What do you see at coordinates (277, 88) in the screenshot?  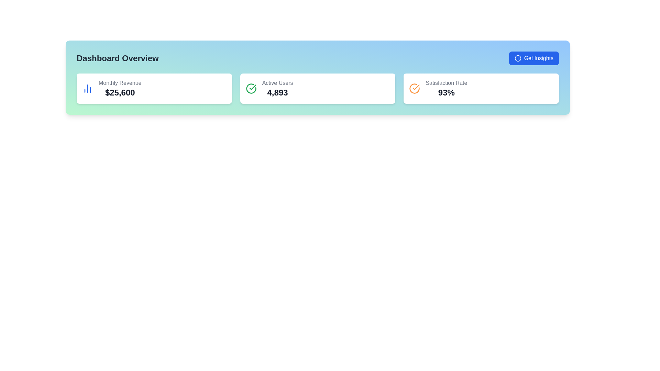 I see `the Information display panel, which is the second card in a row of three cards, displaying statistical data for active users` at bounding box center [277, 88].